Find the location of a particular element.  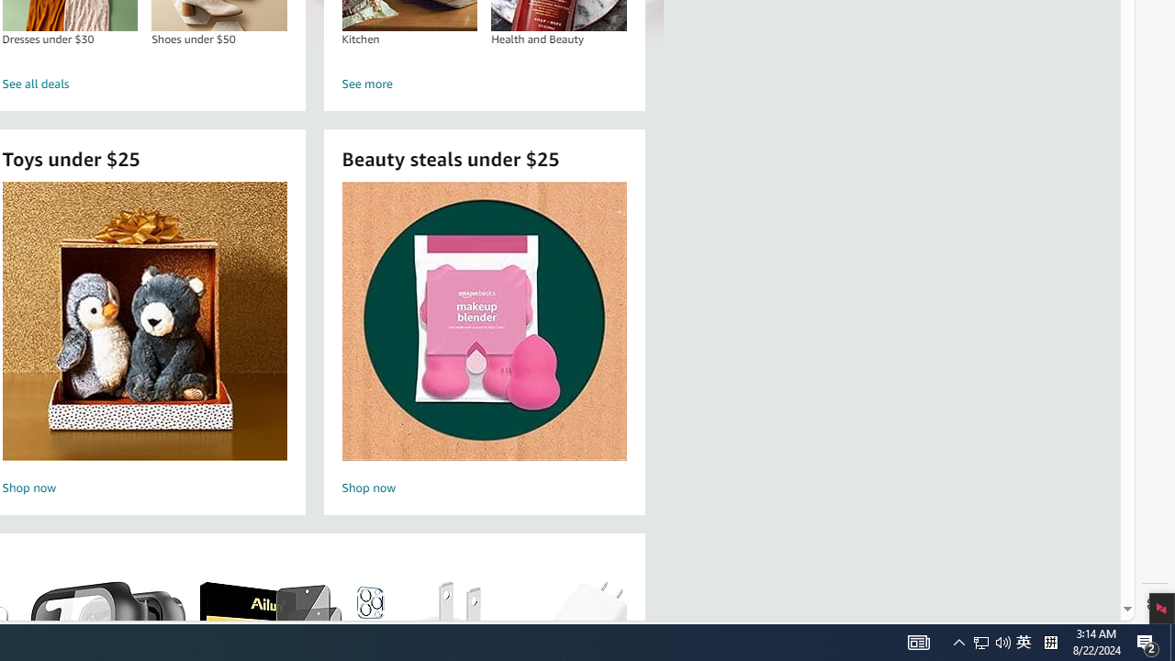

'Beauty steals under $25 Shop now' is located at coordinates (484, 341).